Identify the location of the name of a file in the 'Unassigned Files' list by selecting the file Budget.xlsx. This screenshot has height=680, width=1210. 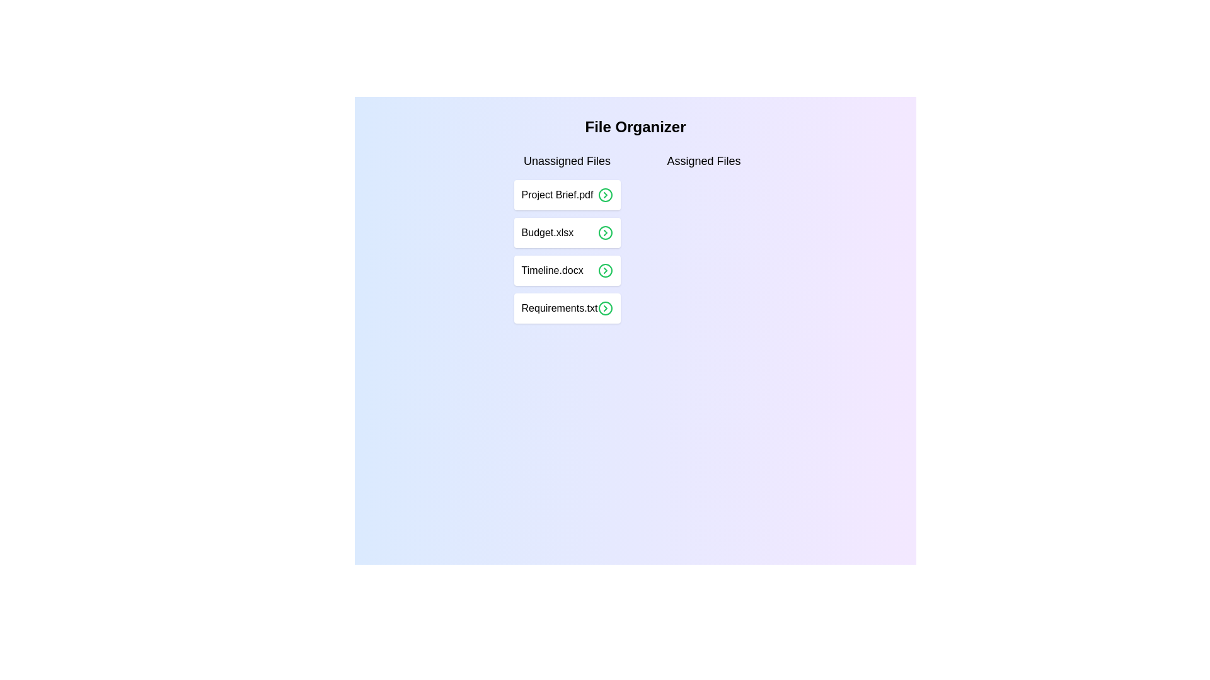
(567, 233).